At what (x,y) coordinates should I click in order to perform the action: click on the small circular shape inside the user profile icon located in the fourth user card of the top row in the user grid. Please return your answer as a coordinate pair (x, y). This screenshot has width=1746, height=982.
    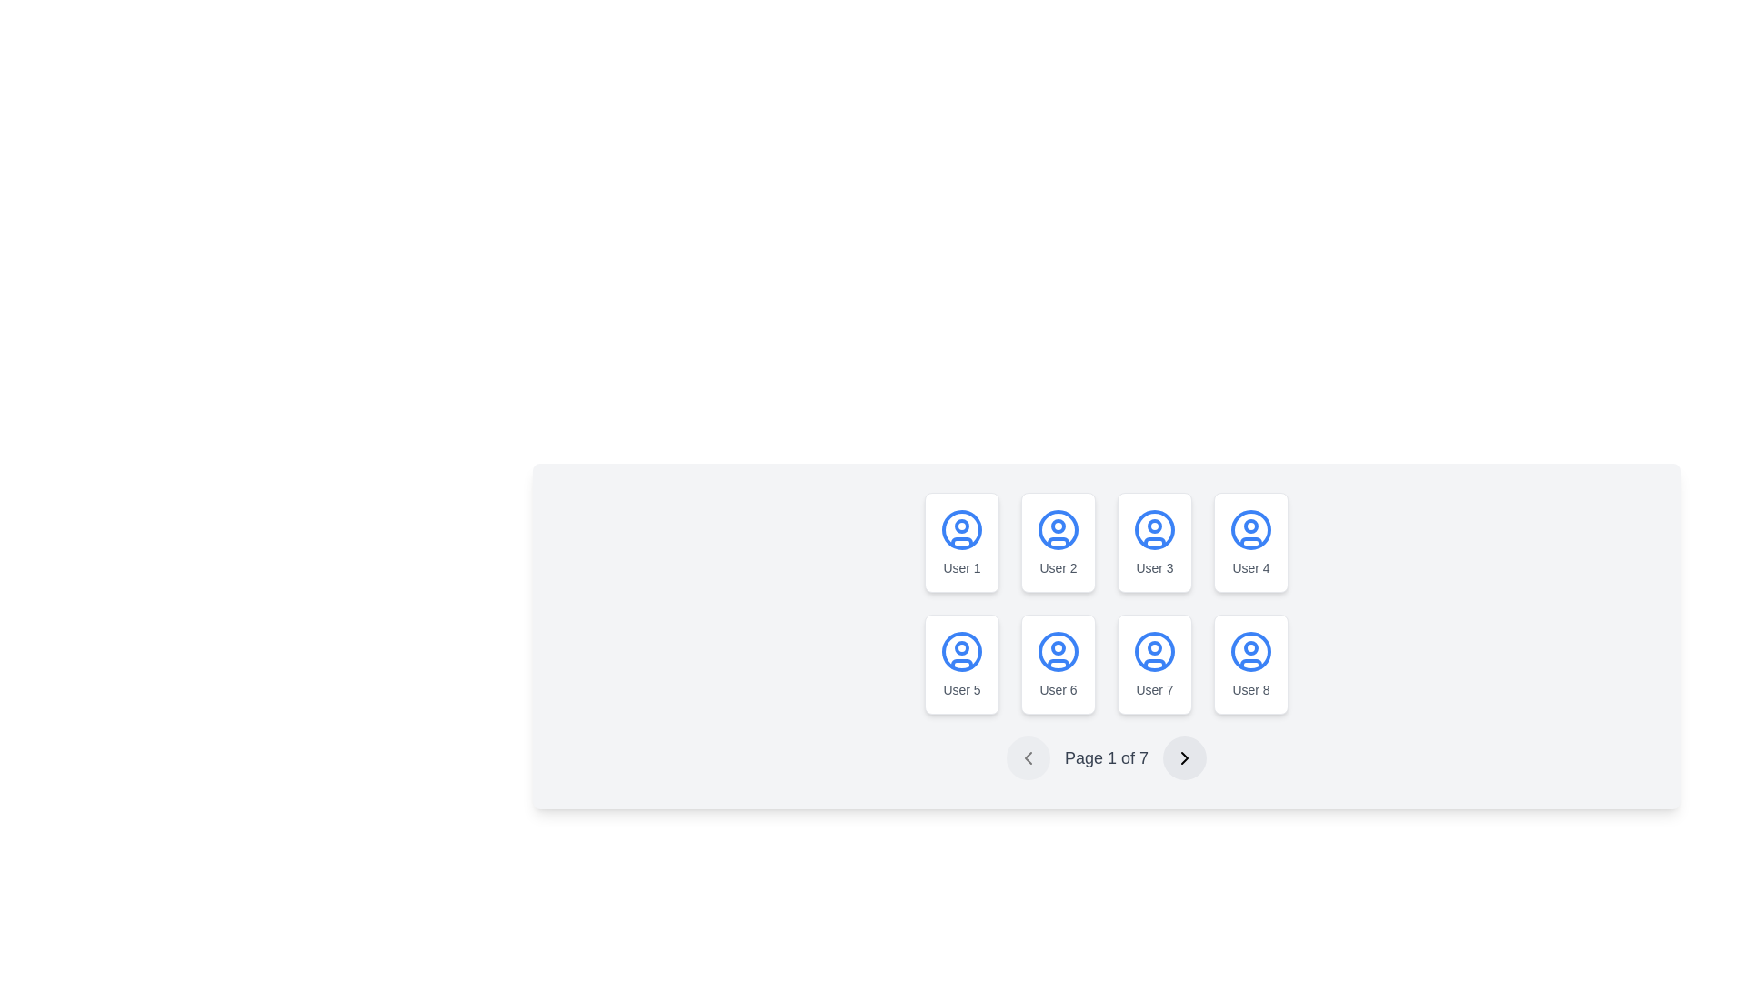
    Looking at the image, I should click on (1250, 526).